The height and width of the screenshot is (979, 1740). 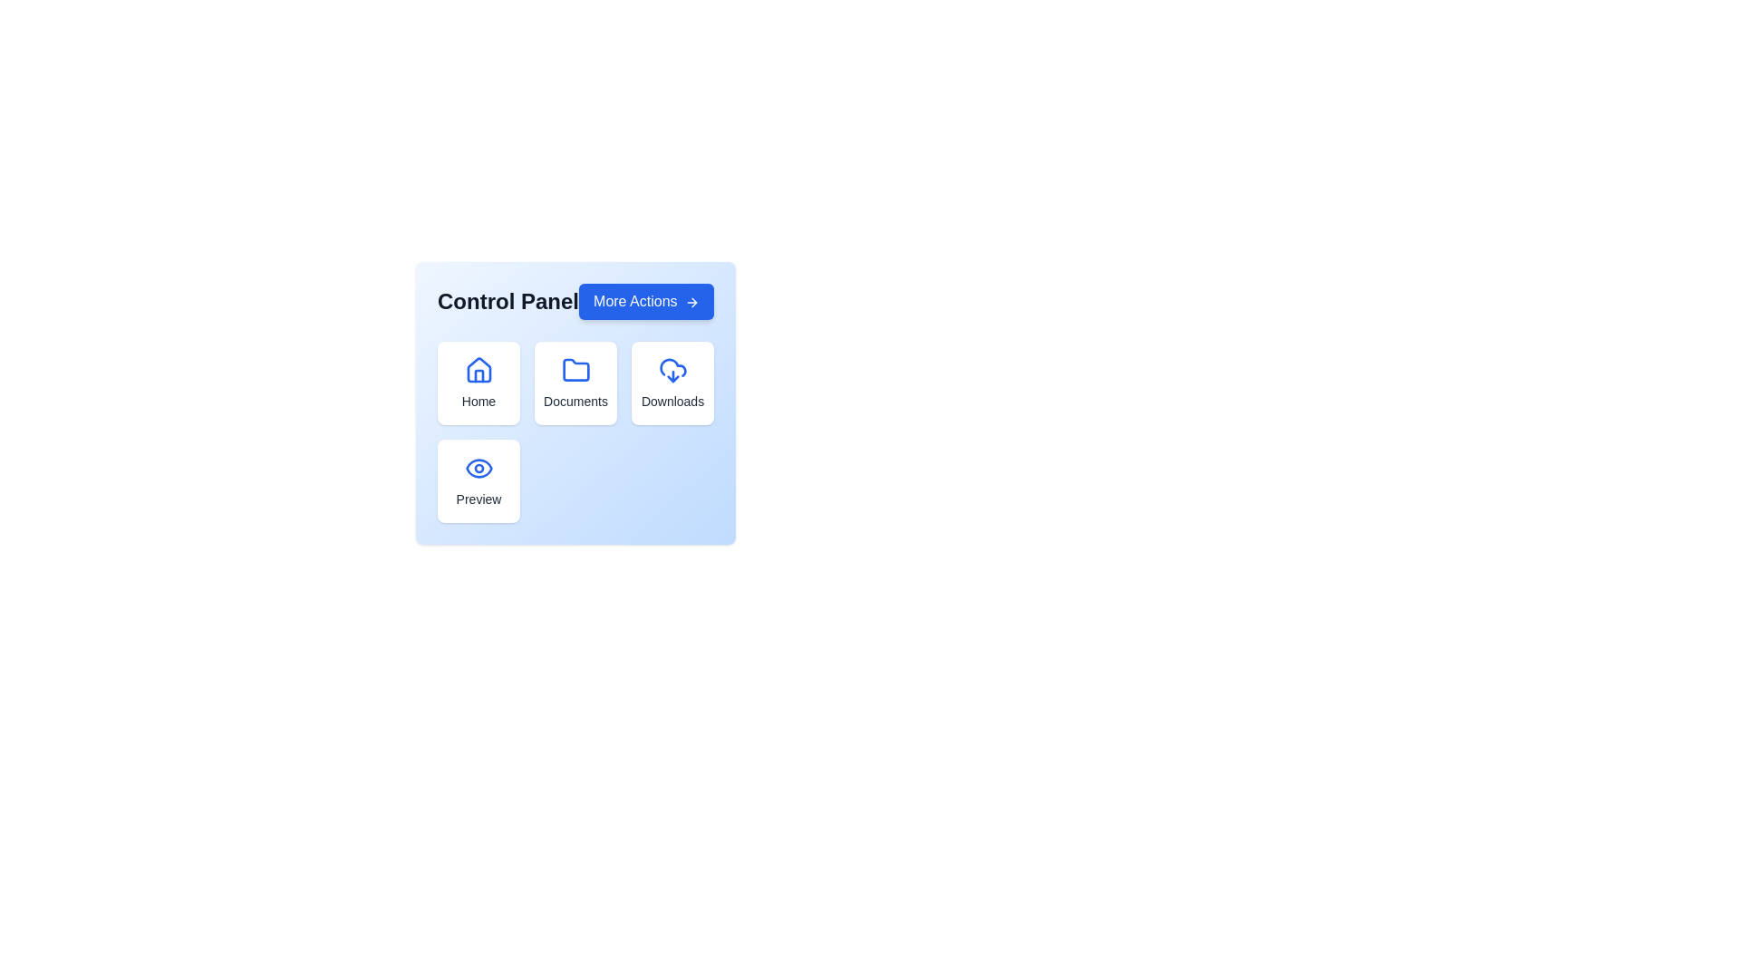 I want to click on the navigational button that directs to the 'Home' section, located in the top-left position of the grid layout, so click(x=478, y=383).